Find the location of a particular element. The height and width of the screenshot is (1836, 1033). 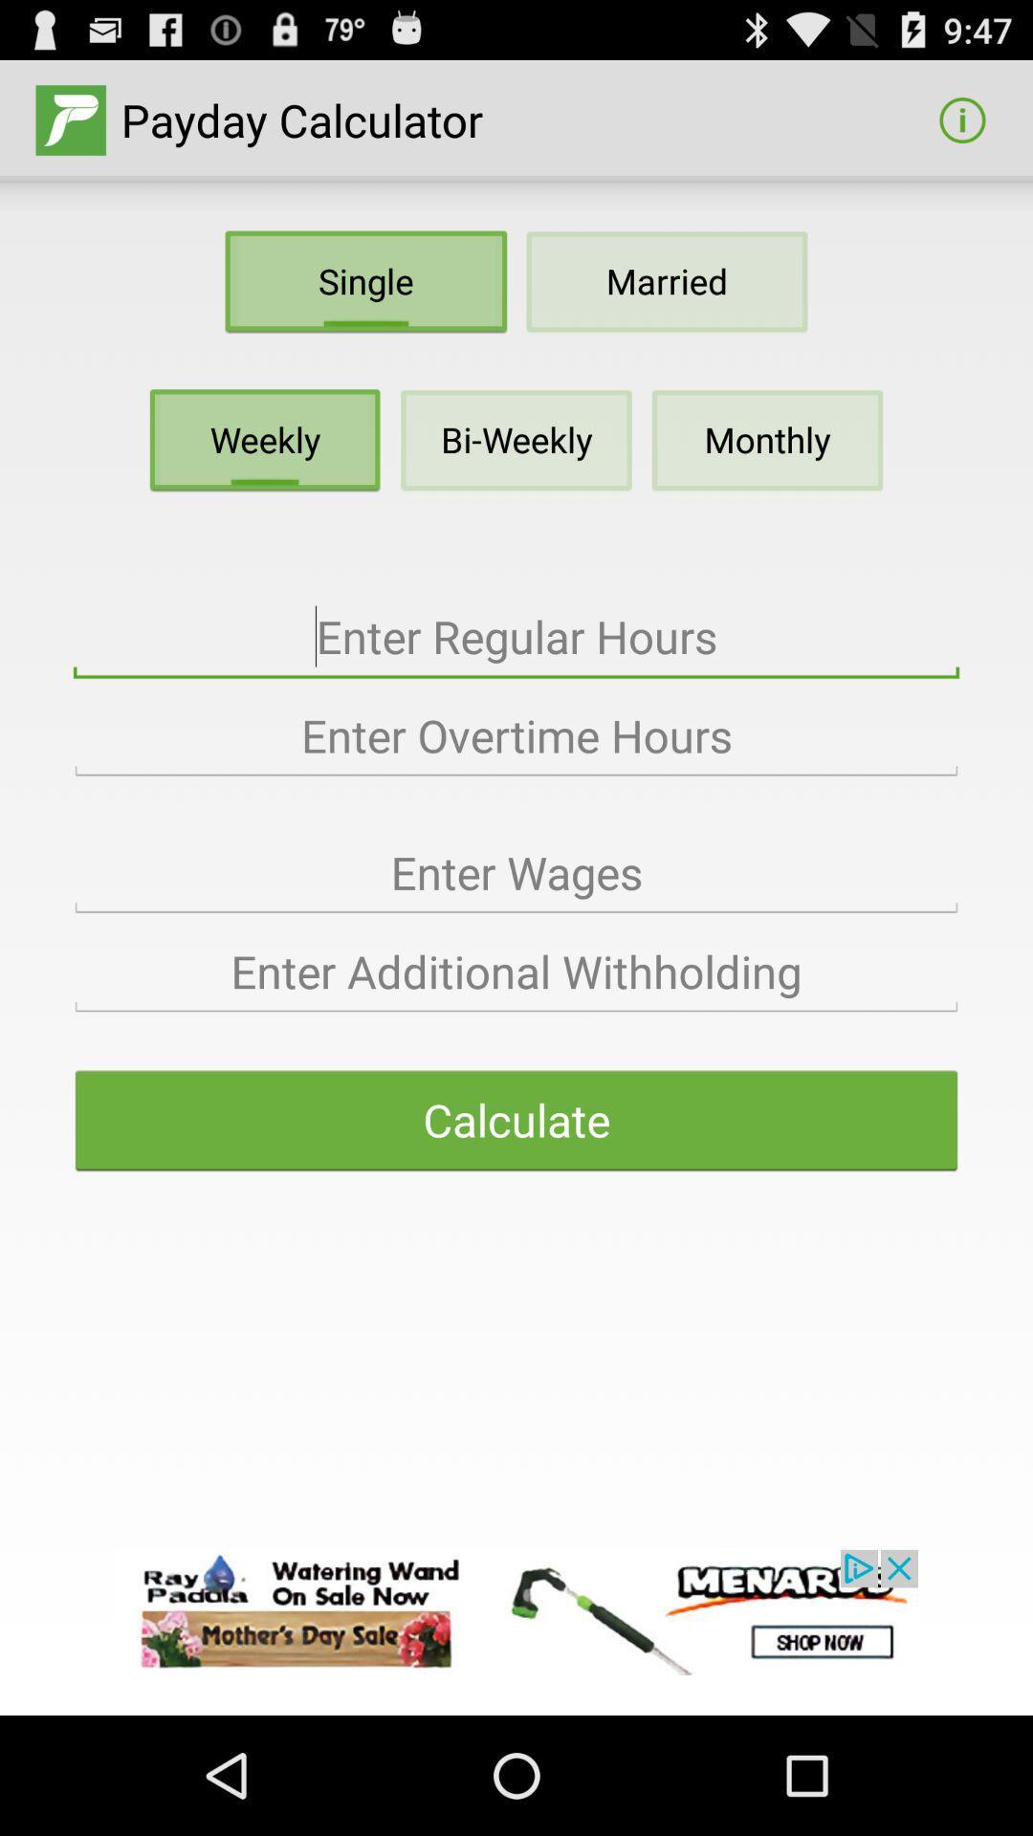

text is located at coordinates (516, 637).